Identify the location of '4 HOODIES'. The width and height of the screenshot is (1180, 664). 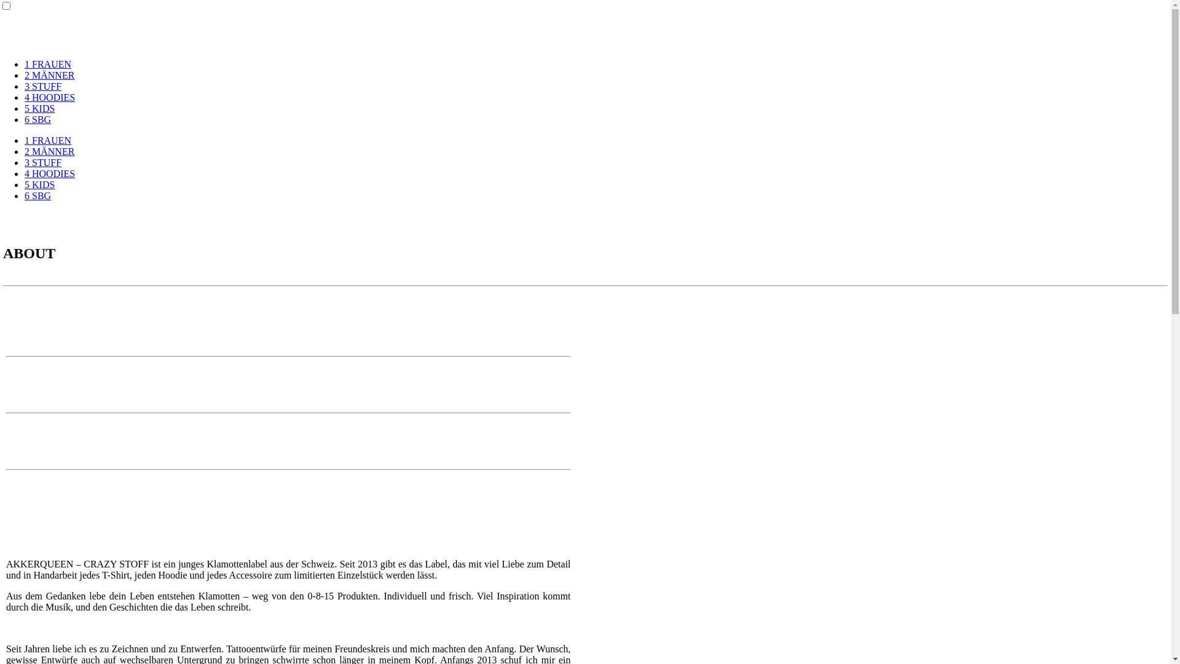
(49, 173).